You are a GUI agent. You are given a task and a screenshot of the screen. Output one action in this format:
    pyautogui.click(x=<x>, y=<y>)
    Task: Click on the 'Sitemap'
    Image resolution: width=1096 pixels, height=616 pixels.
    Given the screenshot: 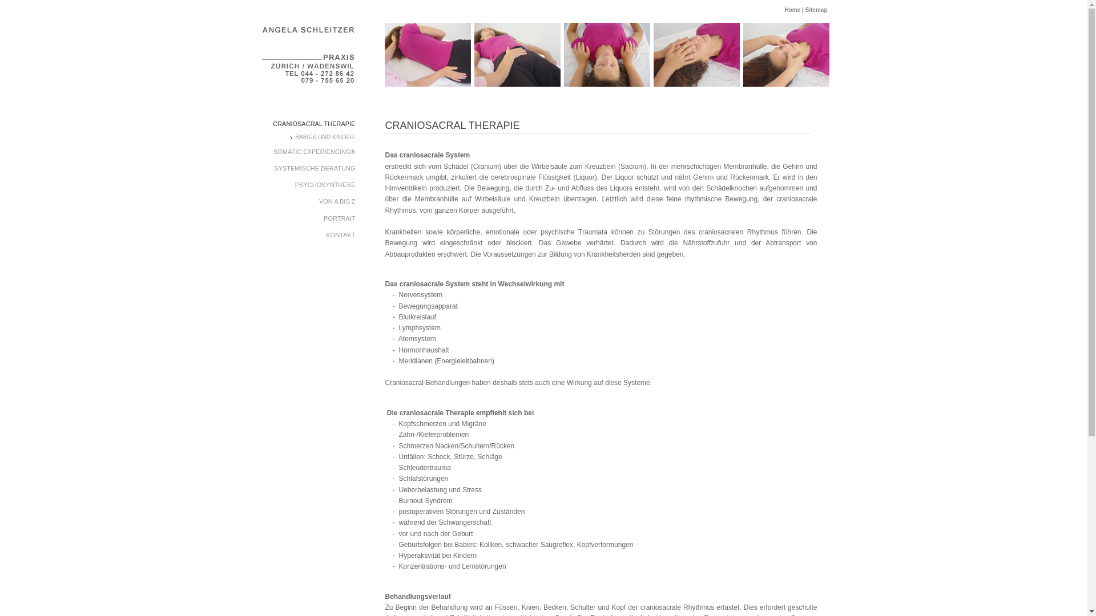 What is the action you would take?
    pyautogui.click(x=805, y=10)
    